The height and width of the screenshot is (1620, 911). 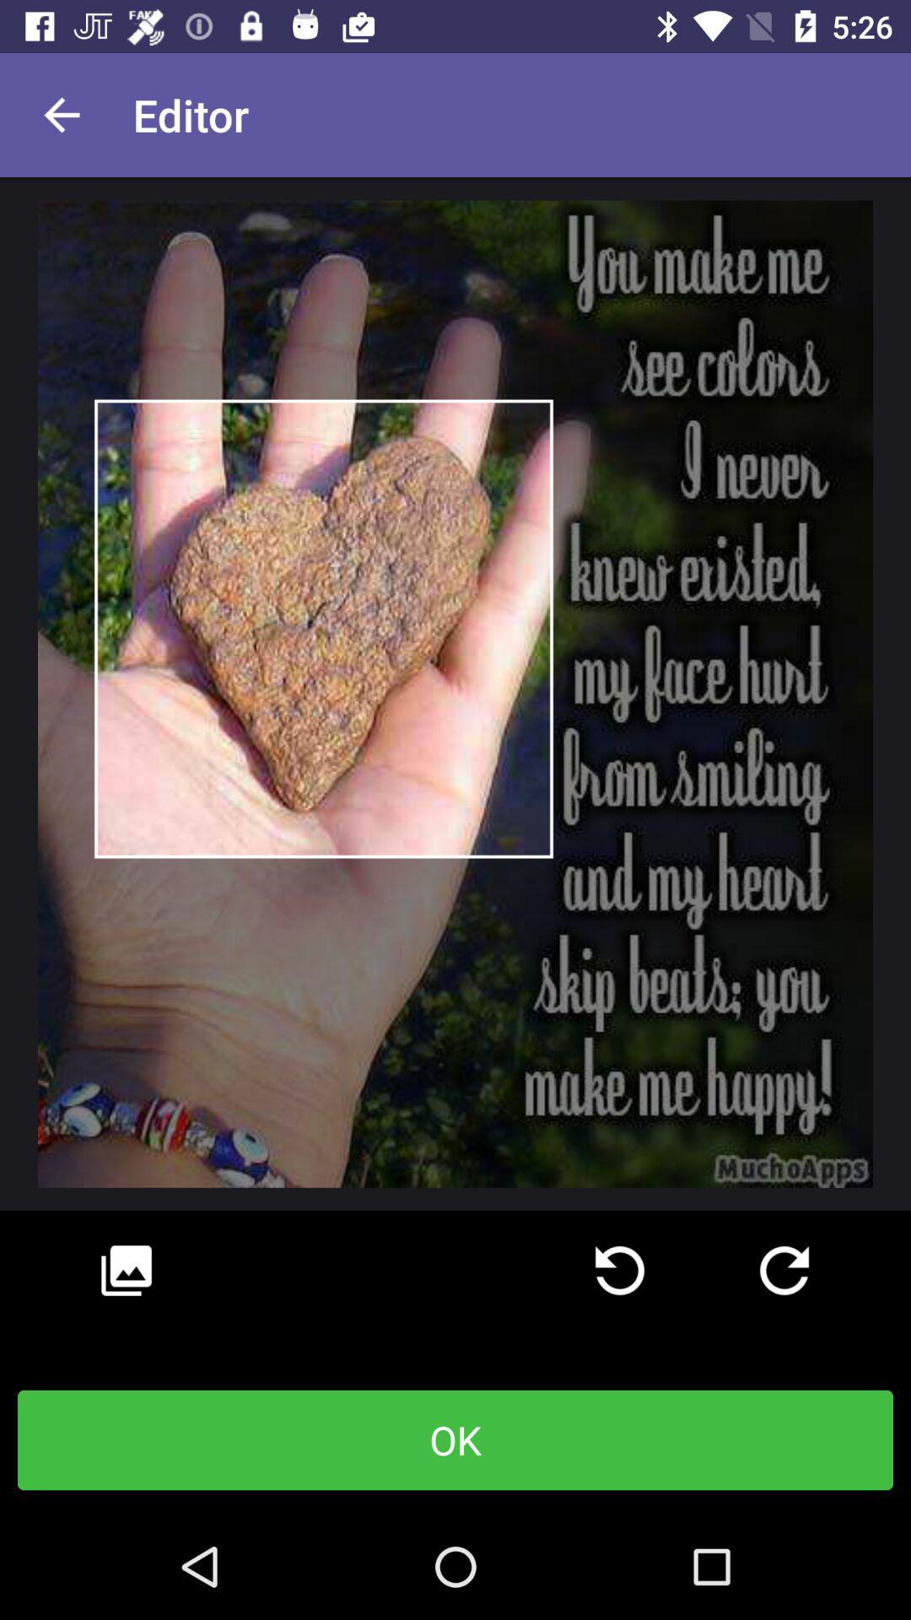 I want to click on icon to the left of editor app, so click(x=61, y=114).